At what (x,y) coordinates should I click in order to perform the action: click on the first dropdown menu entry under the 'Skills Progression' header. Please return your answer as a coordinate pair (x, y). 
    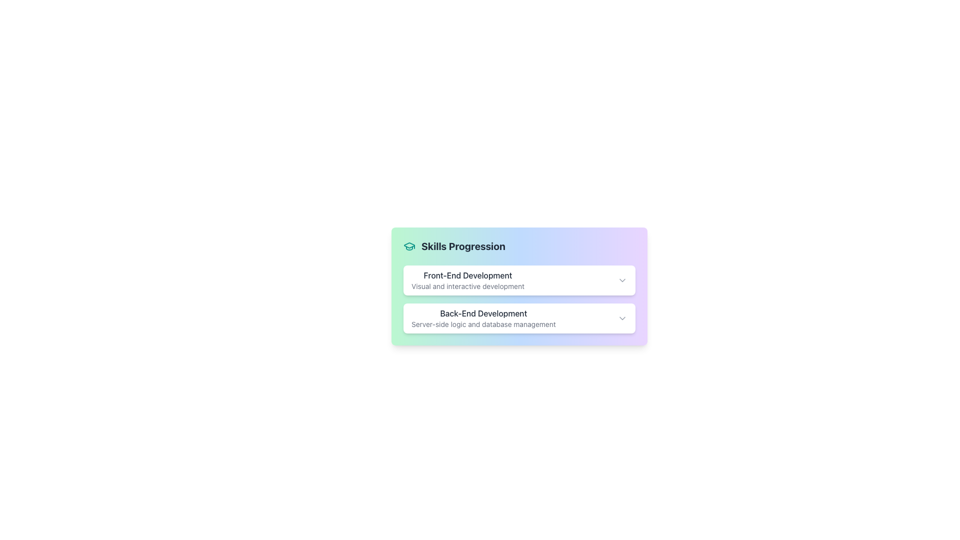
    Looking at the image, I should click on (519, 280).